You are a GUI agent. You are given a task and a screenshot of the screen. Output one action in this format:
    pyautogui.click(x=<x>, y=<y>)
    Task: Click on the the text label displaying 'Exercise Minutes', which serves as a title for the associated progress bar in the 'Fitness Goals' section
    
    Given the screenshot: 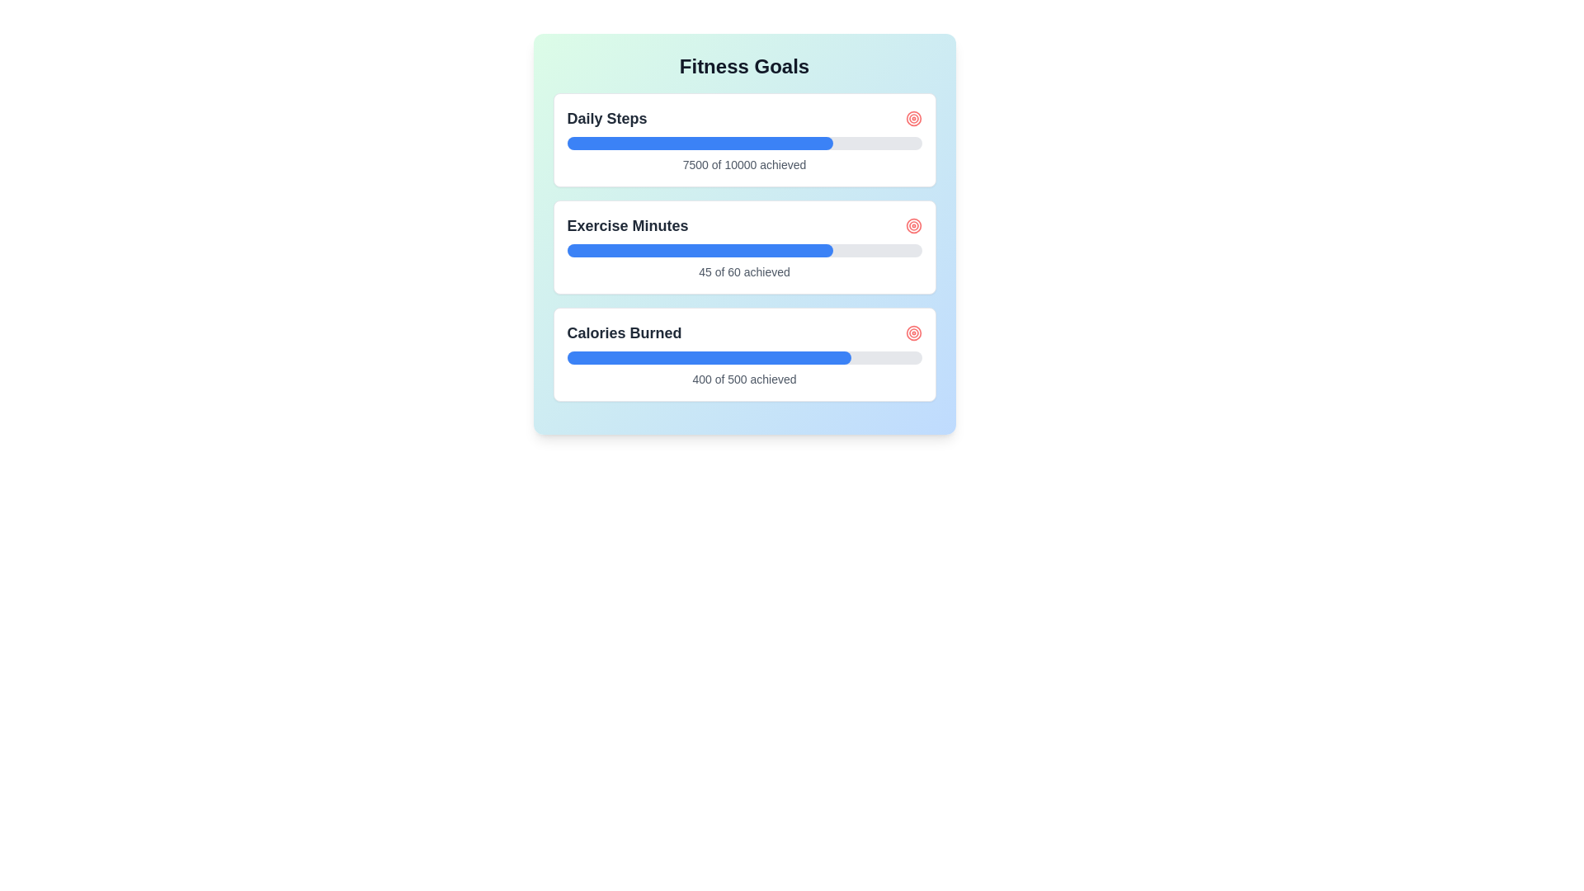 What is the action you would take?
    pyautogui.click(x=627, y=225)
    